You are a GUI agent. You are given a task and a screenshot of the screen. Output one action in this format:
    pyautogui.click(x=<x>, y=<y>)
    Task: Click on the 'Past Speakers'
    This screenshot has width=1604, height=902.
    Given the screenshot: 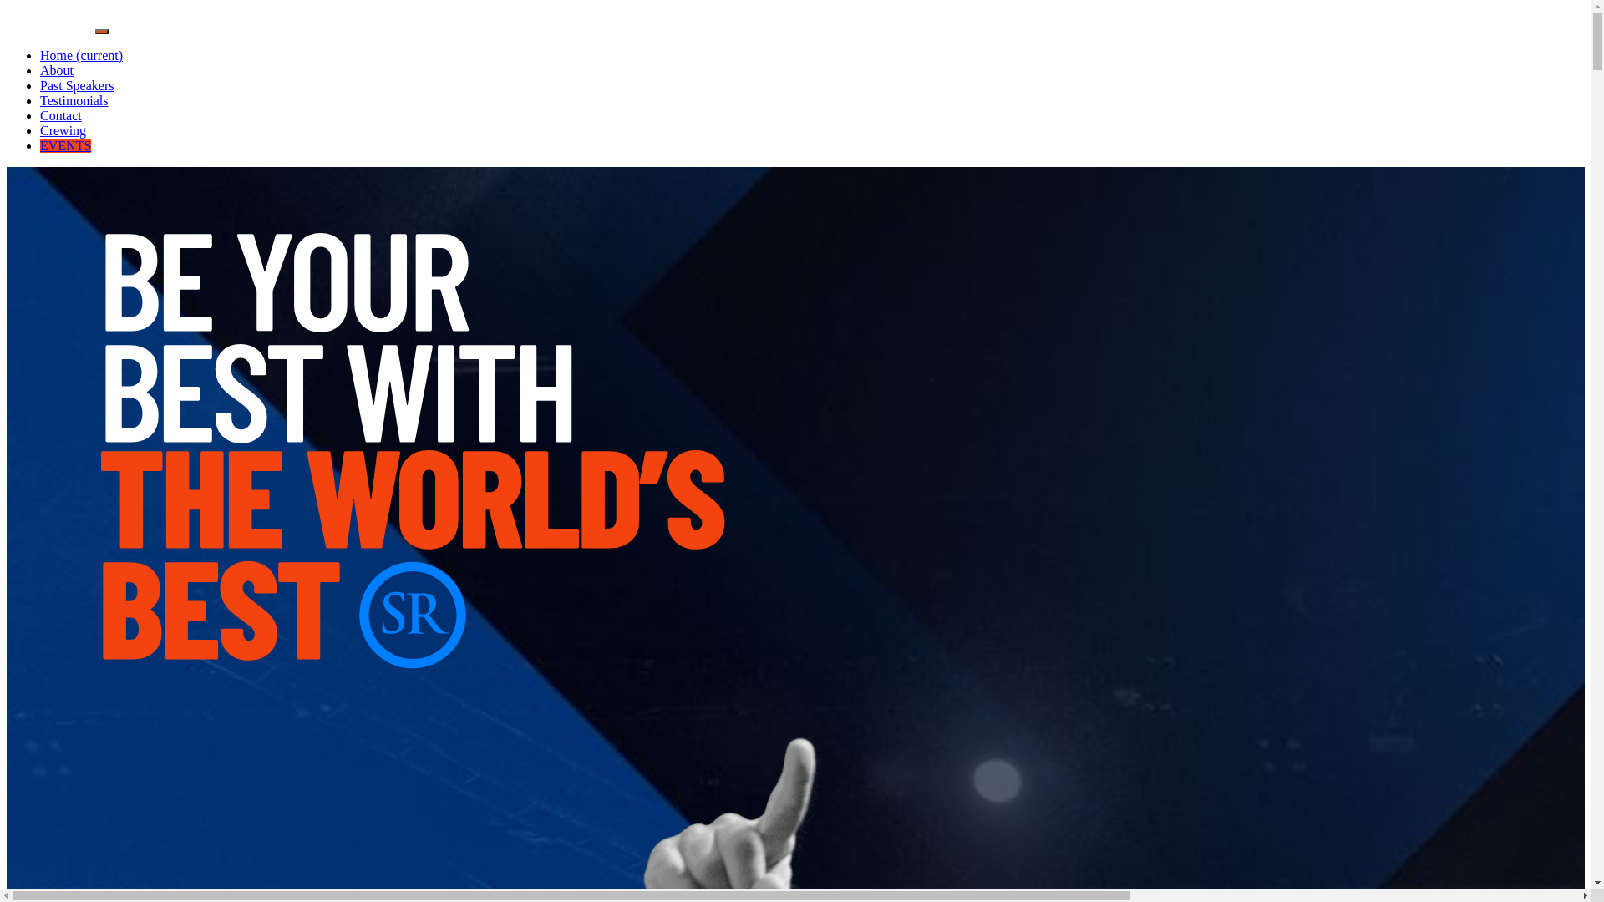 What is the action you would take?
    pyautogui.click(x=75, y=85)
    